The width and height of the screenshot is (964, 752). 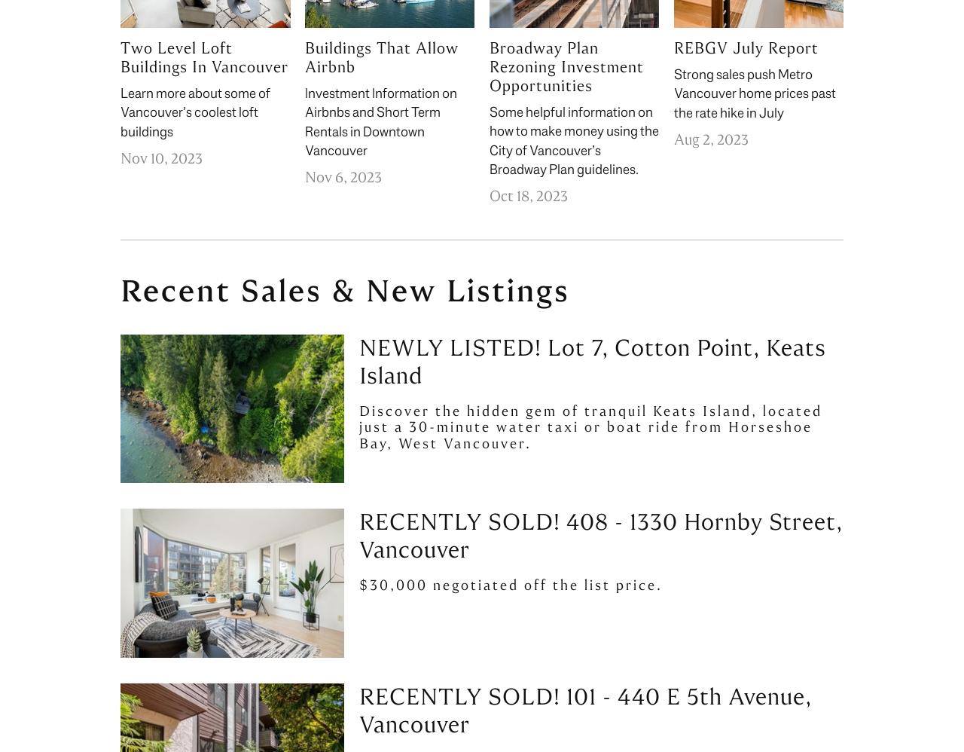 What do you see at coordinates (120, 157) in the screenshot?
I see `'Nov 10, 2023'` at bounding box center [120, 157].